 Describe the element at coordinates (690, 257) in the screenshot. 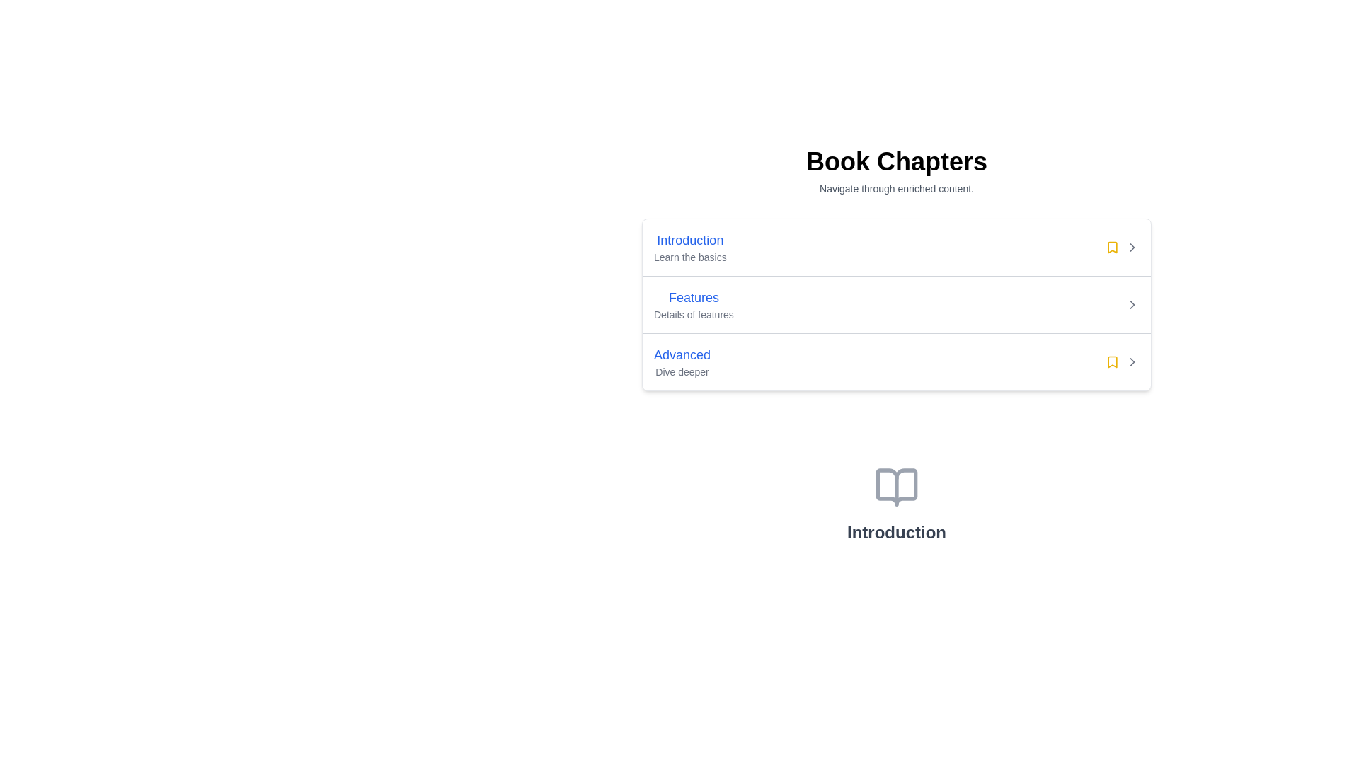

I see `the descriptive text label located directly underneath the 'Introduction' heading, which provides additional context about this chapter` at that location.